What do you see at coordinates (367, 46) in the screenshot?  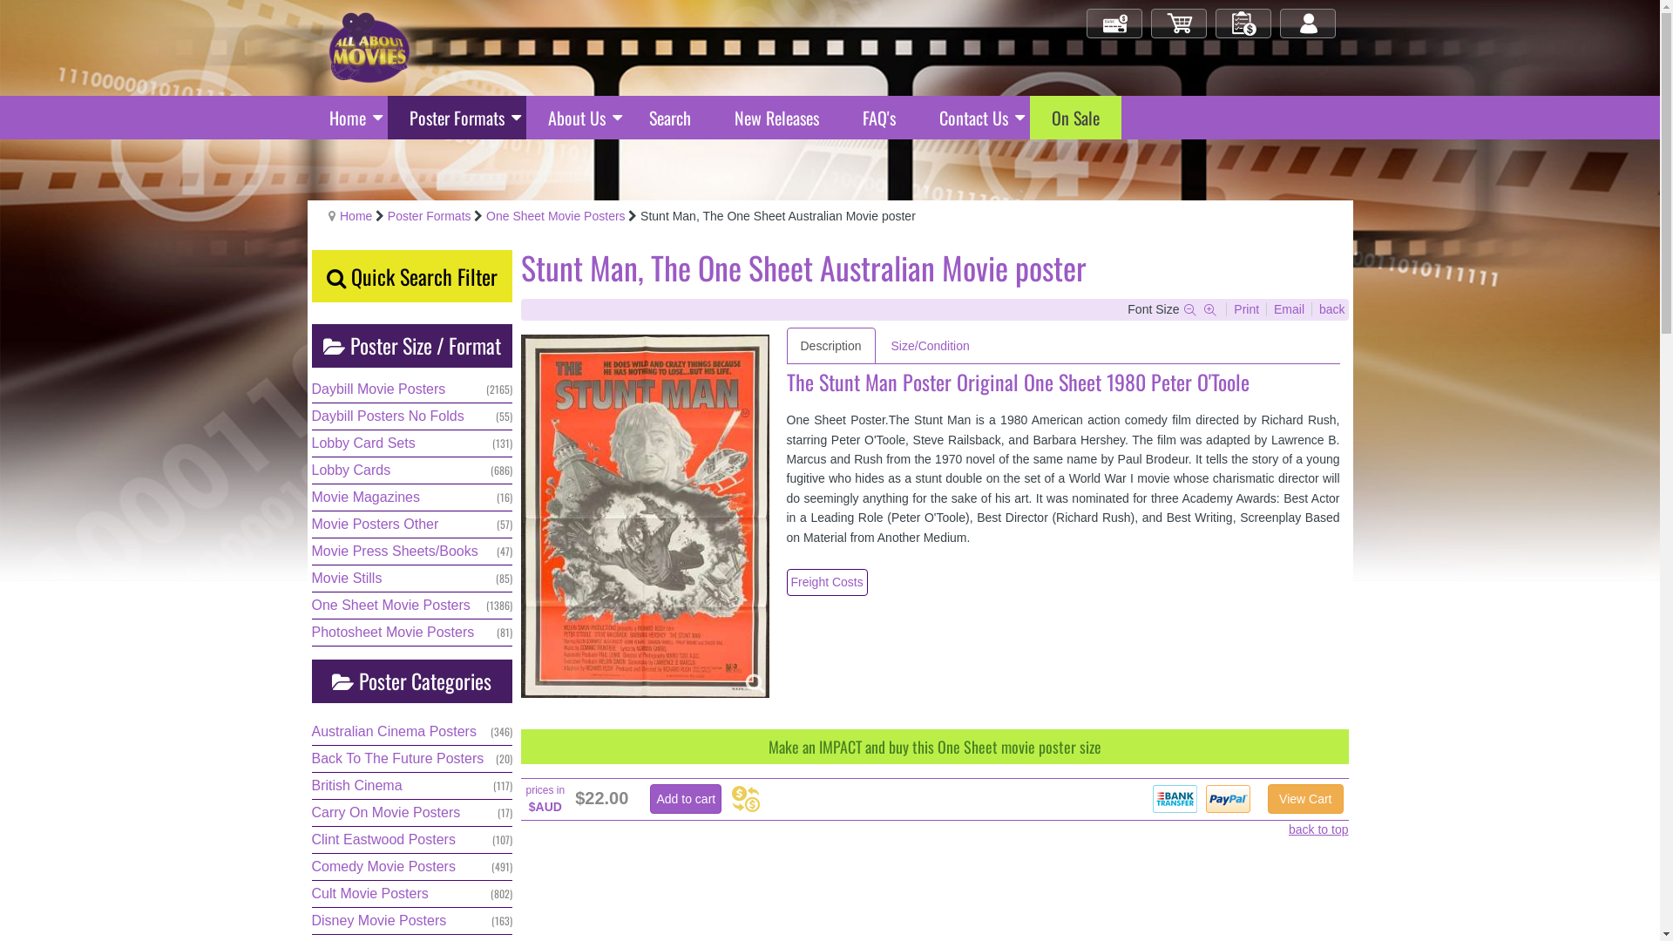 I see `'All About Movies - Original Movie Posters'` at bounding box center [367, 46].